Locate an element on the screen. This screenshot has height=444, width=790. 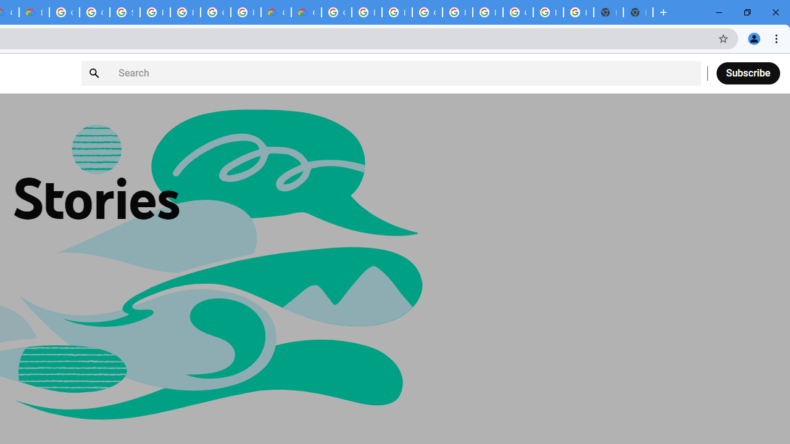
'Customer Care | Google Cloud' is located at coordinates (275, 12).